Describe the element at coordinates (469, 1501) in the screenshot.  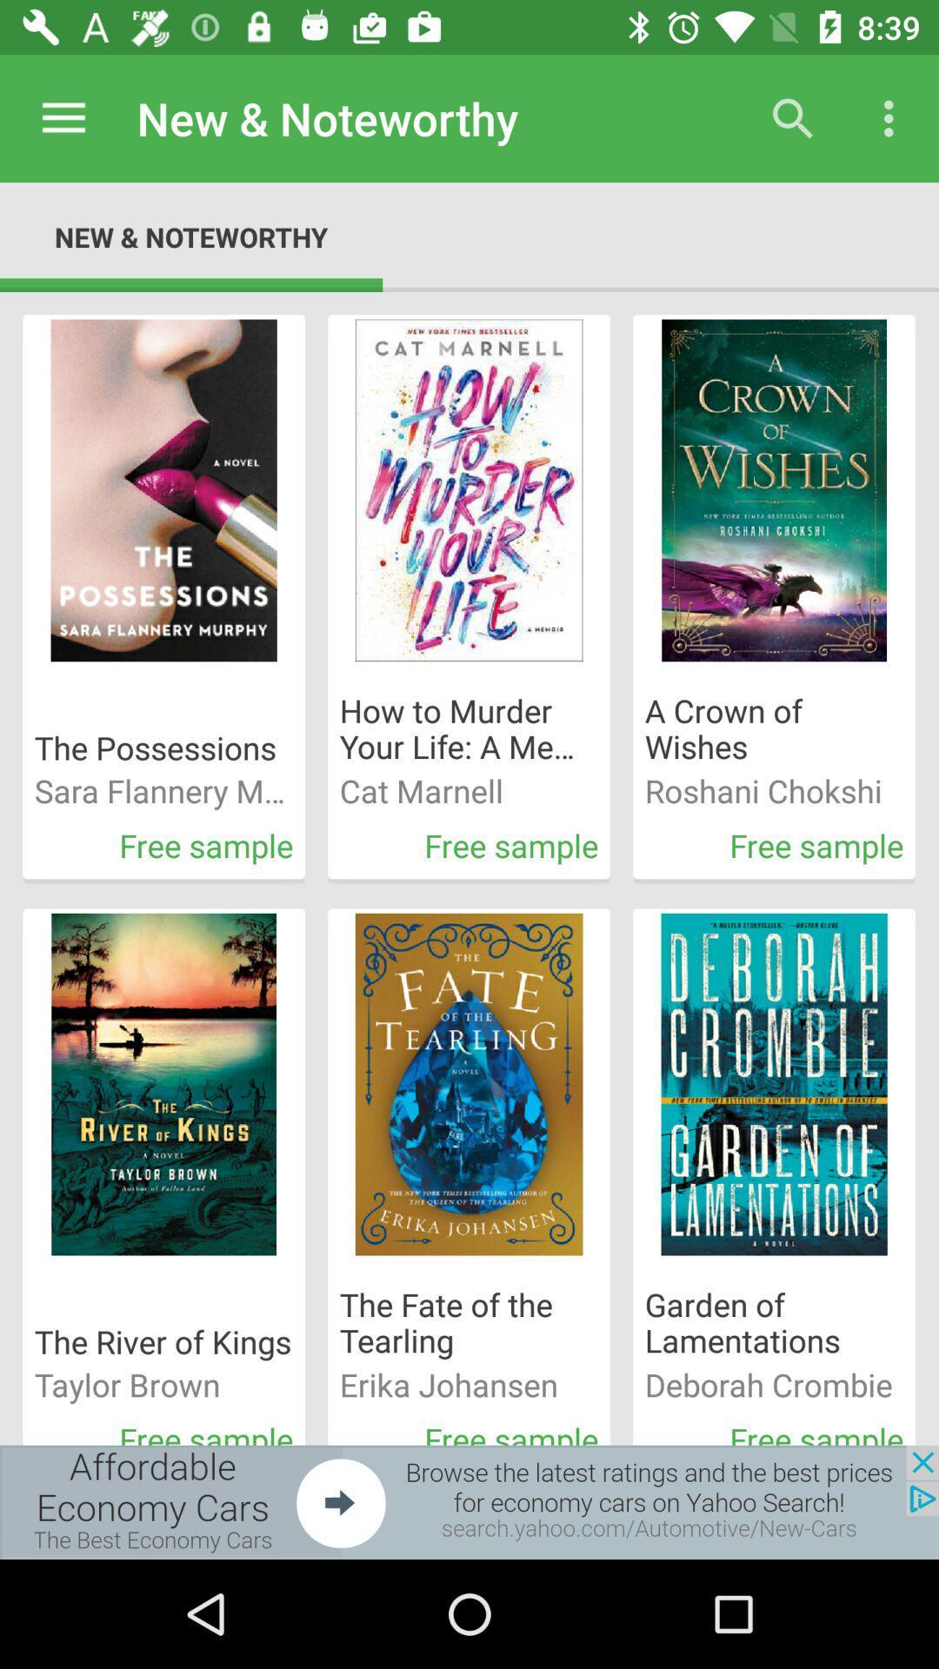
I see `click advertisement` at that location.